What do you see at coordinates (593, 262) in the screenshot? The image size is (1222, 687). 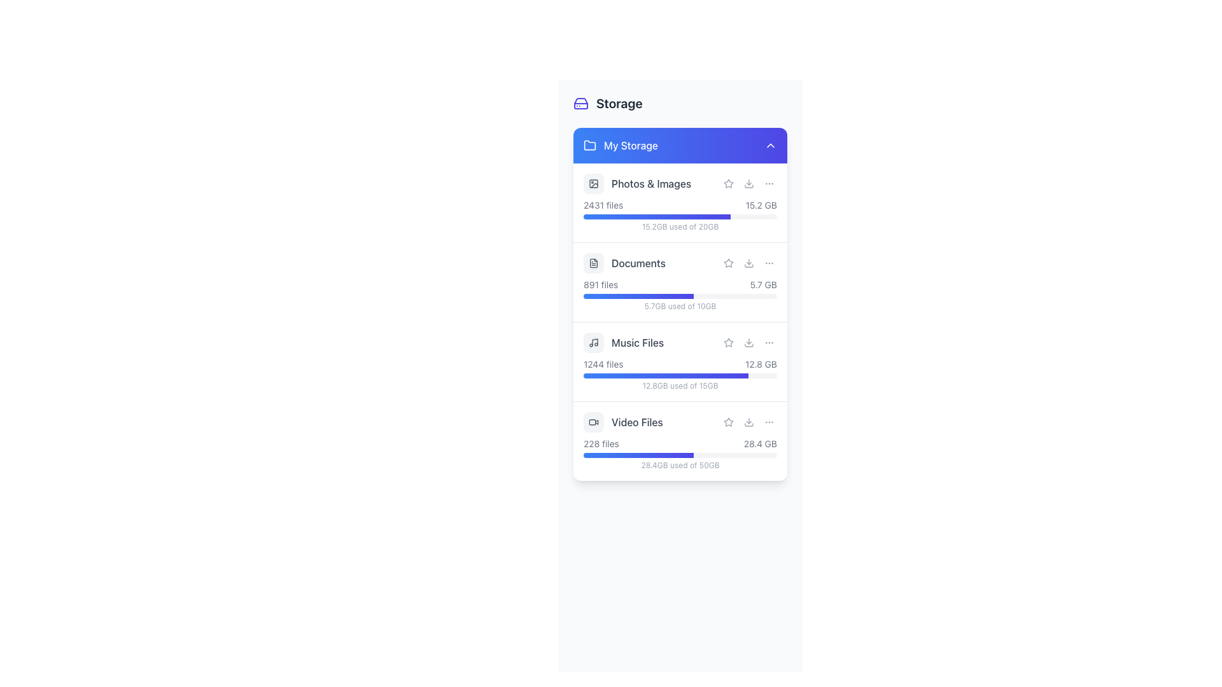 I see `the small, square icon with a light gray background and rounded corners that contains a document outline symbol, located to the left of the text 'Documents' in the list under 'My Storage'` at bounding box center [593, 262].